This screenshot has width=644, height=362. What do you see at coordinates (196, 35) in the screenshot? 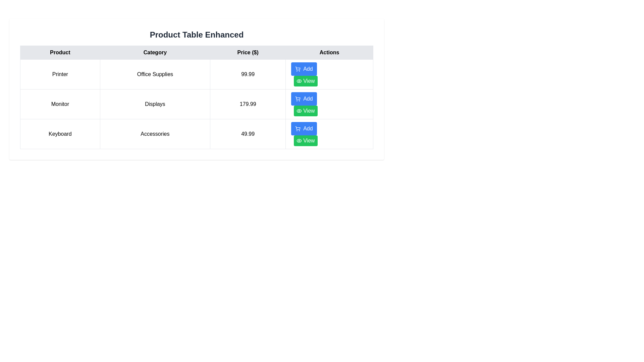
I see `the Text Header at the top of the white background box` at bounding box center [196, 35].